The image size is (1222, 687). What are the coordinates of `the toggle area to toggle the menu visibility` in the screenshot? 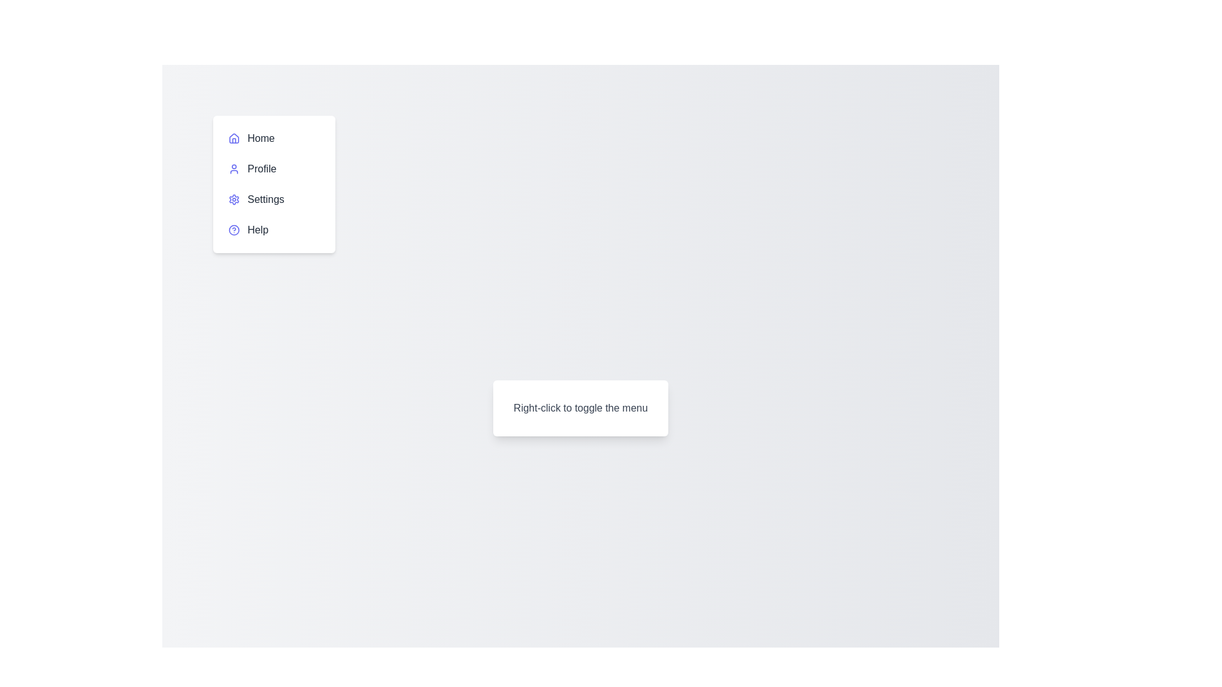 It's located at (580, 408).